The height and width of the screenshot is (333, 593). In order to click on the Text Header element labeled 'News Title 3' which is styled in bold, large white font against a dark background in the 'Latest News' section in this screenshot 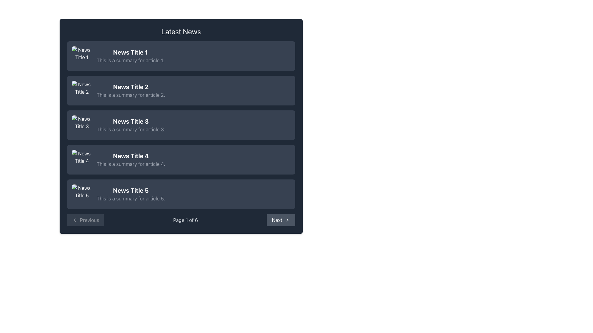, I will do `click(130, 121)`.